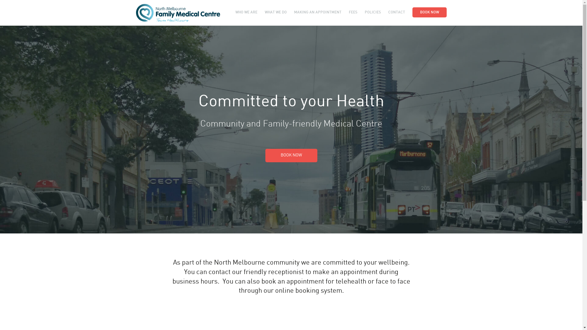 This screenshot has height=330, width=587. I want to click on 'MAKING AN APPOINTMENT', so click(318, 12).